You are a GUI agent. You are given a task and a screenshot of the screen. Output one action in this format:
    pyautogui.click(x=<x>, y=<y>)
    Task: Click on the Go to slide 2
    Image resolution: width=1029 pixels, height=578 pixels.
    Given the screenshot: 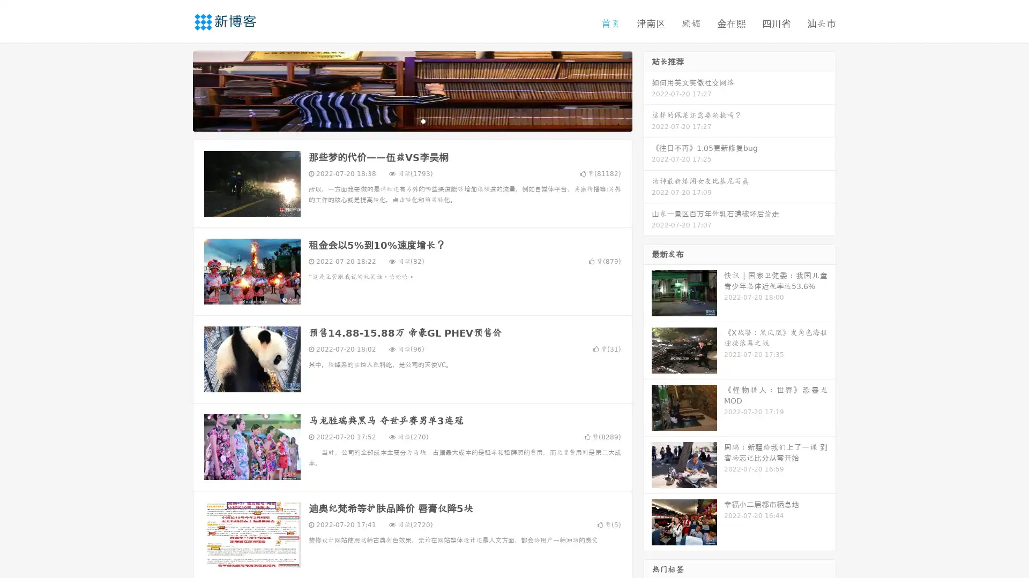 What is the action you would take?
    pyautogui.click(x=412, y=120)
    